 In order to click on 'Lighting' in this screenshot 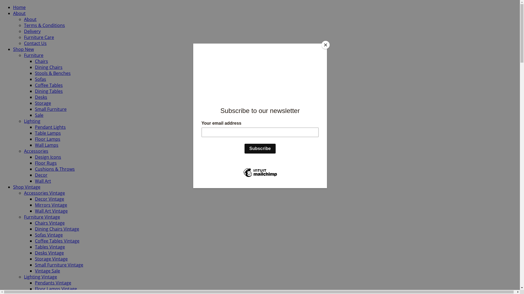, I will do `click(32, 121)`.